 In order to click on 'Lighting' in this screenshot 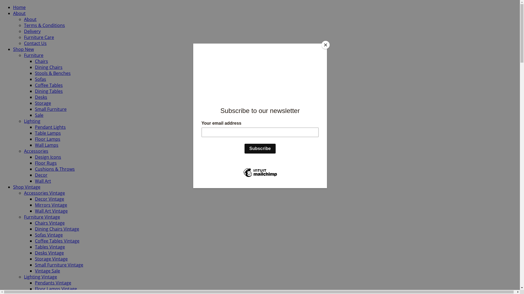, I will do `click(32, 121)`.